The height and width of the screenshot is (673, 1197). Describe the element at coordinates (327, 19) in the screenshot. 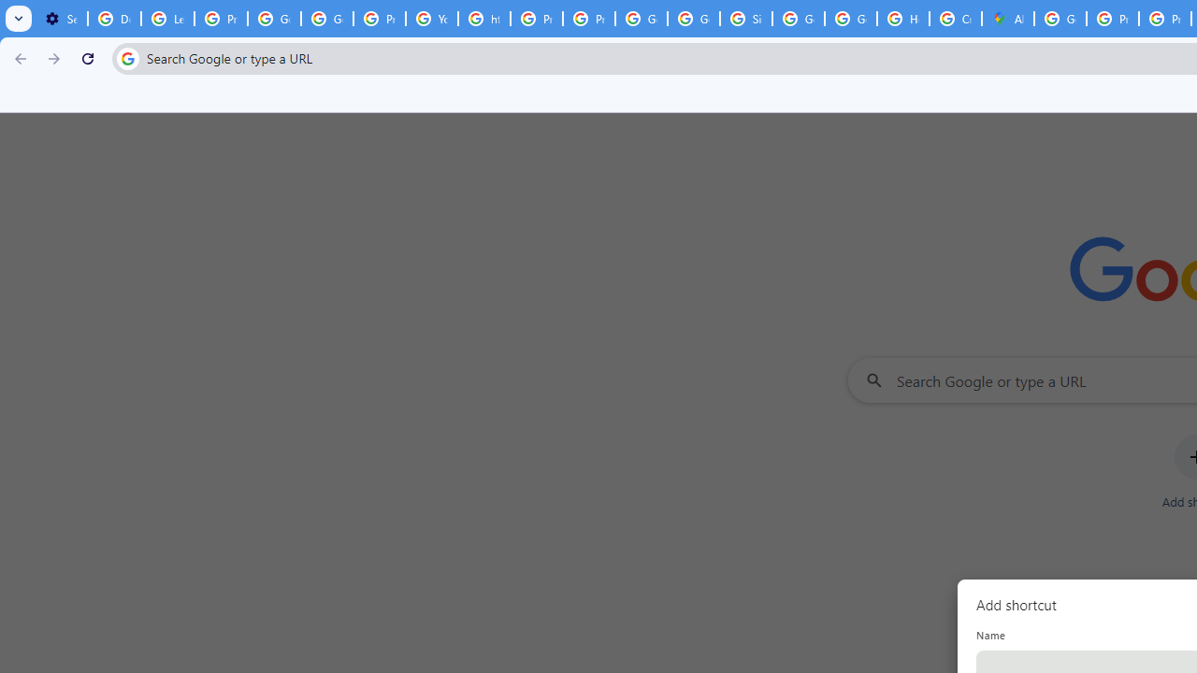

I see `'Google Account Help'` at that location.